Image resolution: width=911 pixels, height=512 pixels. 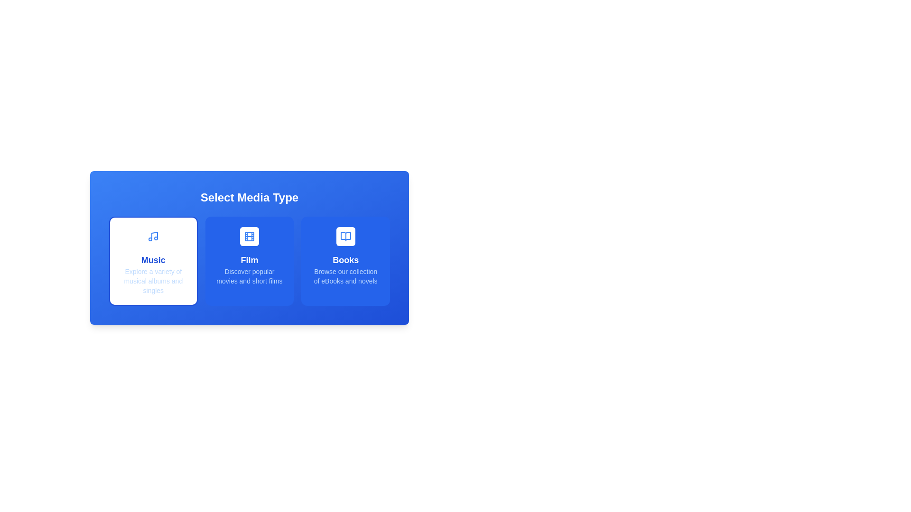 I want to click on the Music icon located within the selectable card labeled 'Music' in the 'Select Media Type' section, so click(x=153, y=236).